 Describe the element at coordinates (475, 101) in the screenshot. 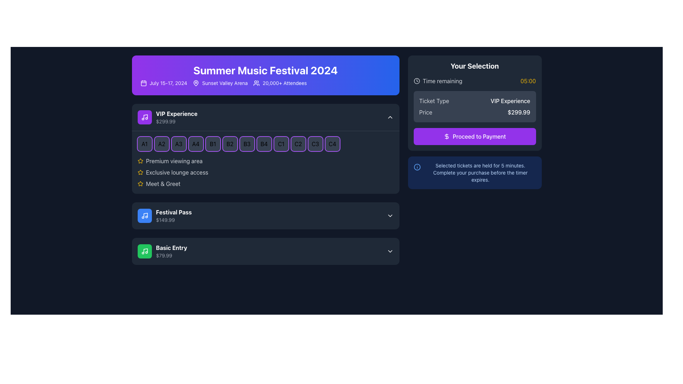

I see `the Informational display pair showing 'Ticket Type' in gray and 'VIP Experience' in white, which is the uppermost item in the 'Your Selection' box` at that location.